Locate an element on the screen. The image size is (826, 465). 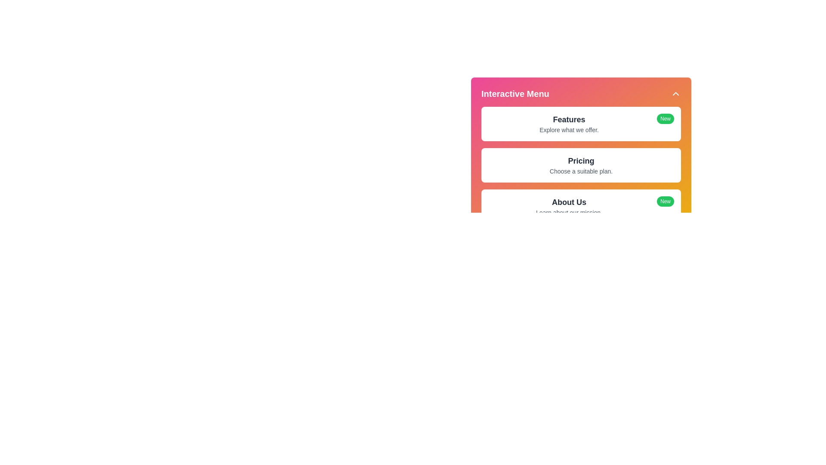
the expand/collapse button to toggle the menu panel is located at coordinates (675, 94).